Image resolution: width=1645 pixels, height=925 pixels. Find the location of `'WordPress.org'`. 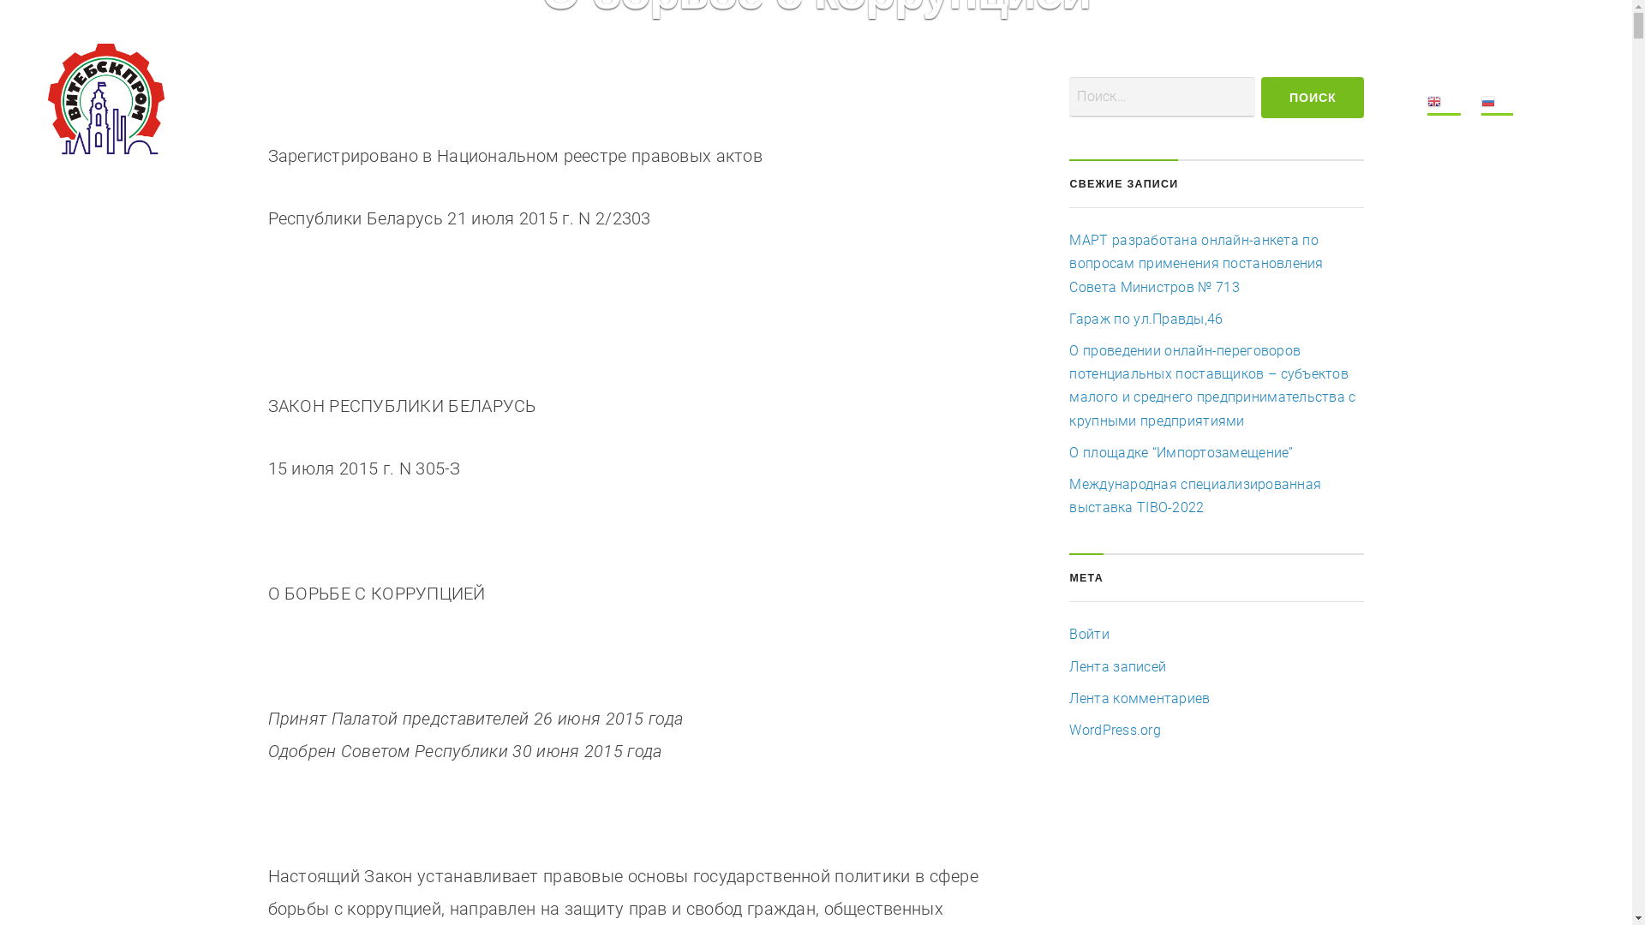

'WordPress.org' is located at coordinates (1115, 730).